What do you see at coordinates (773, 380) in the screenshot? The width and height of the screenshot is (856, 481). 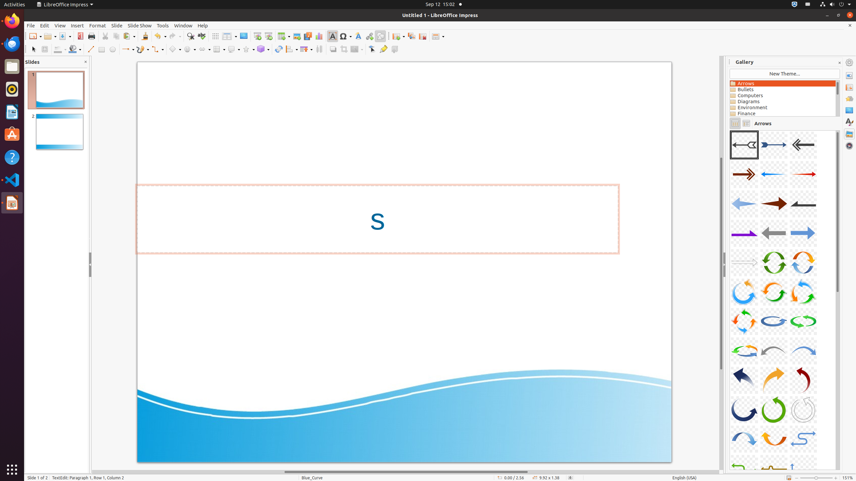 I see `'A26-CurvedArrow-Orange'` at bounding box center [773, 380].